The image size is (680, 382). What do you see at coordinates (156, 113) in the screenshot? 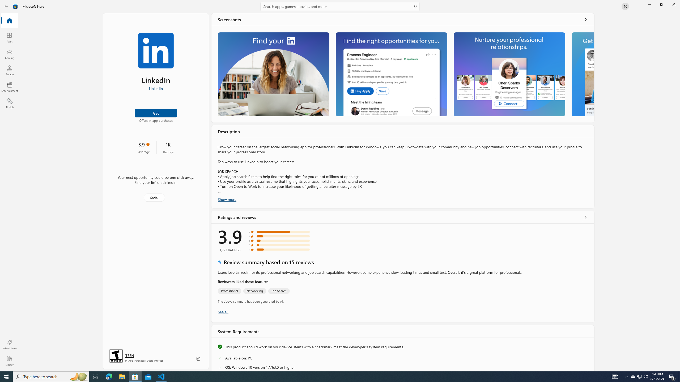
I see `'Get'` at bounding box center [156, 113].